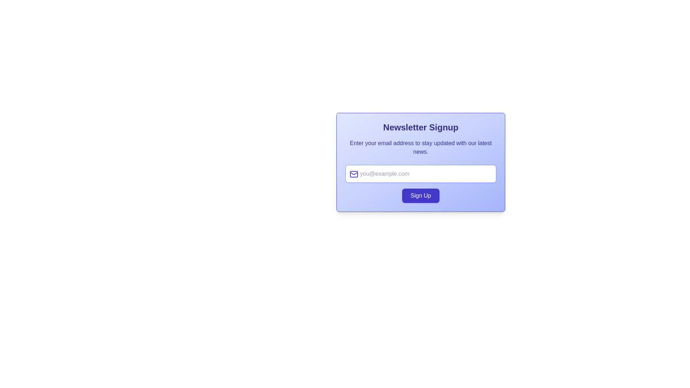 This screenshot has width=690, height=388. Describe the element at coordinates (421, 127) in the screenshot. I see `the 'Newsletter Signup' text label displayed in bold and large blue font, which is centrally located at the top of a gradient blue card` at that location.